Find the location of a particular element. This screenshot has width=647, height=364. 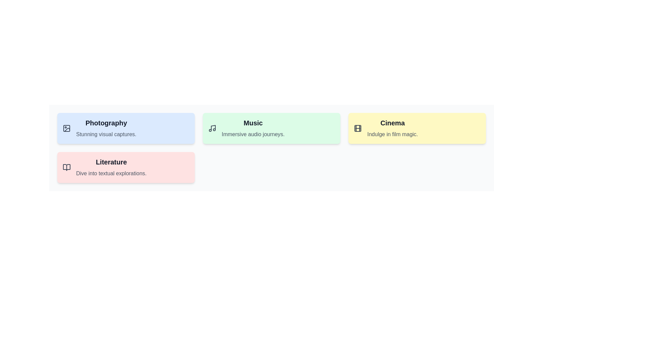

the 'Photography' category card located at the top-left corner of the interface grid is located at coordinates (106, 128).